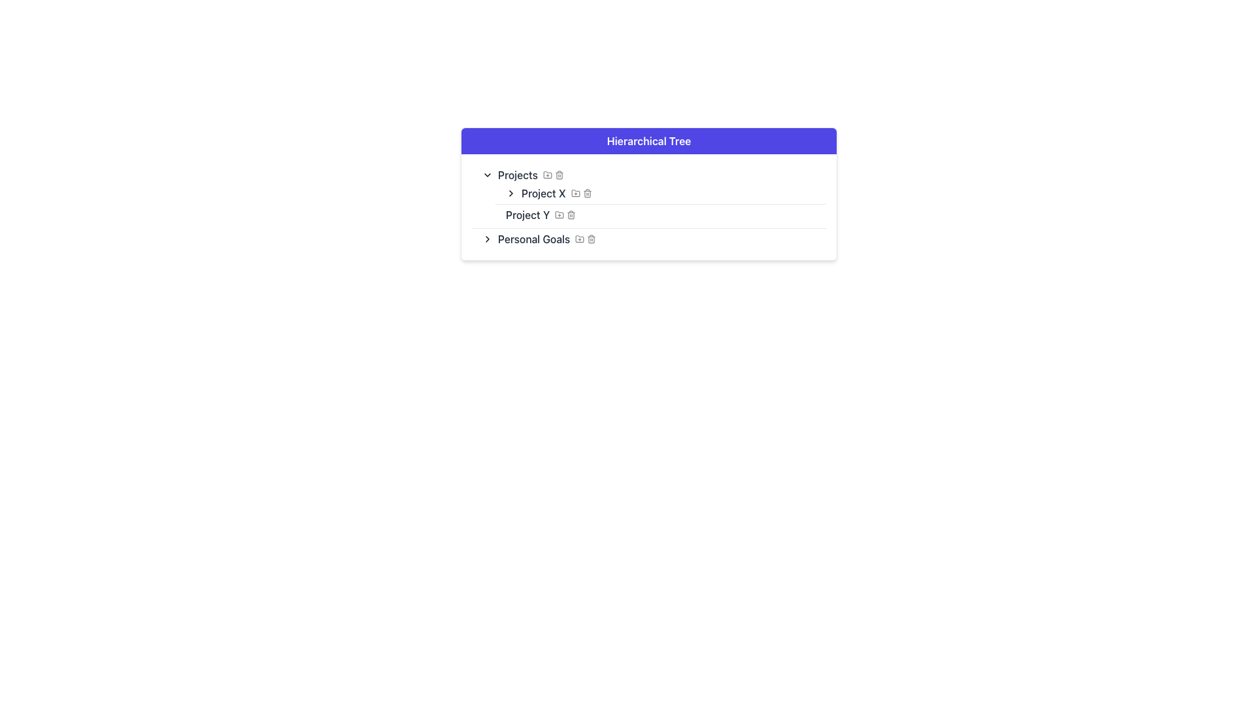 This screenshot has height=706, width=1255. I want to click on the trash bin icon located immediately to the right of 'Personal Goals' in the hierarchical tree interface, so click(591, 239).